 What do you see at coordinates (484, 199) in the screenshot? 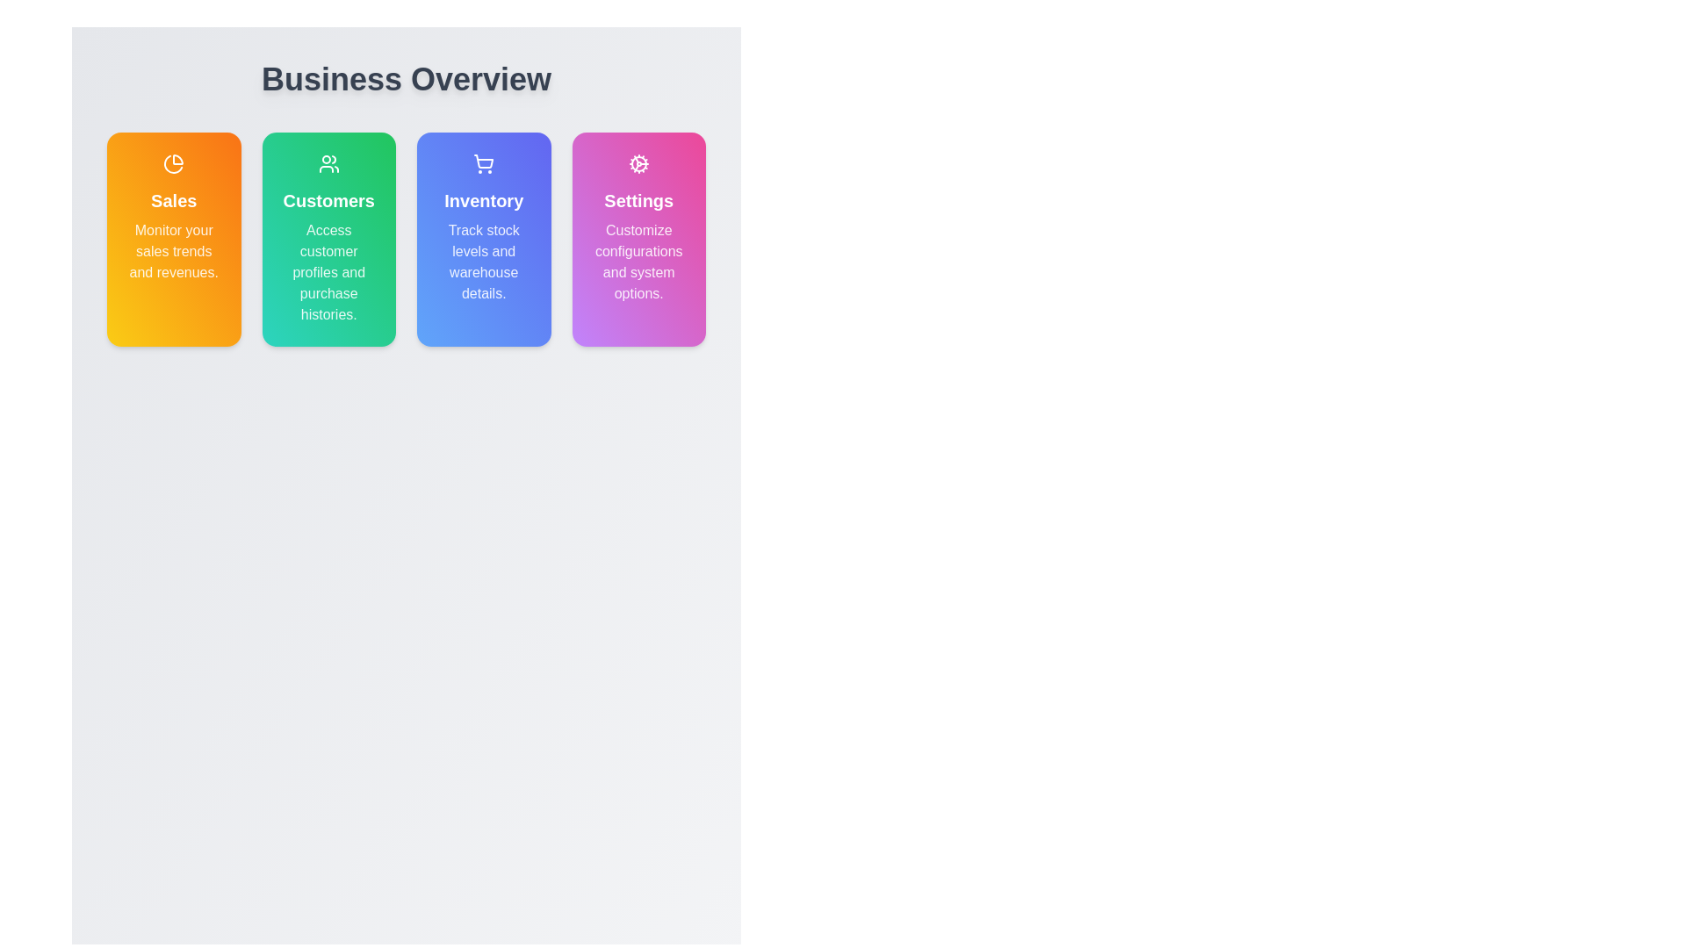
I see `the 'Inventory' label which is styled in bold white font on a blue background, located at the center top of the third menu card from the left in a horizontal row of four cards` at bounding box center [484, 199].